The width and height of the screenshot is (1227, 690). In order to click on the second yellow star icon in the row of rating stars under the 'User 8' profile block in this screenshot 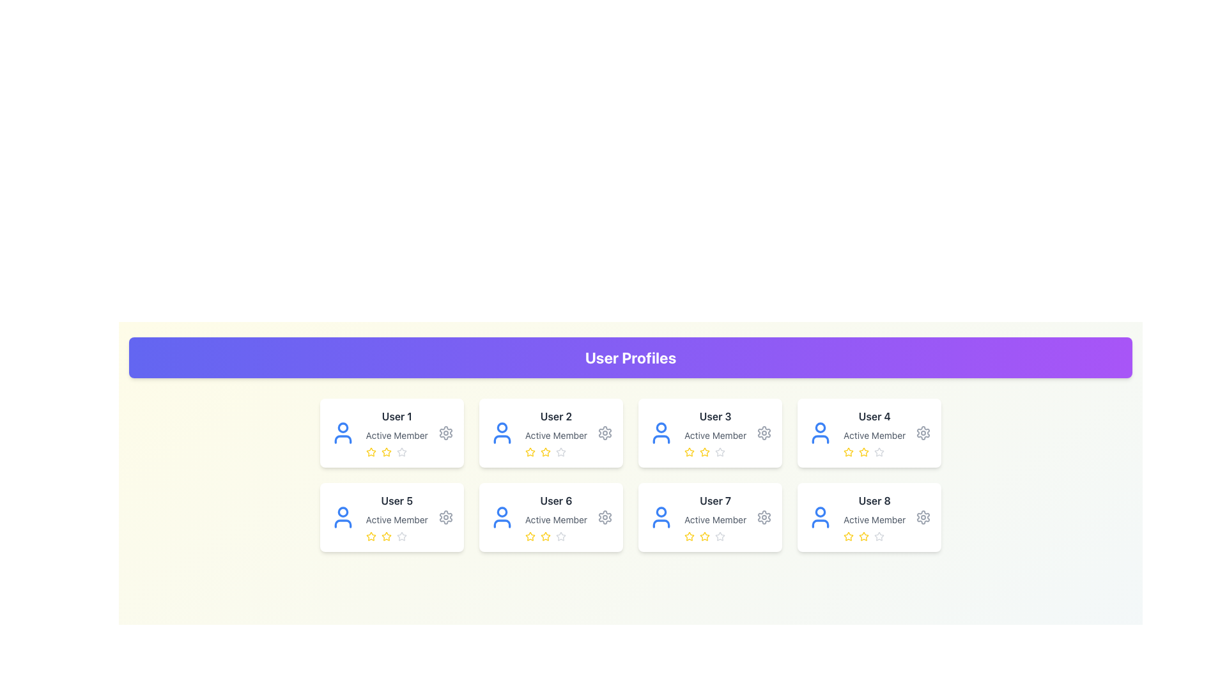, I will do `click(864, 536)`.